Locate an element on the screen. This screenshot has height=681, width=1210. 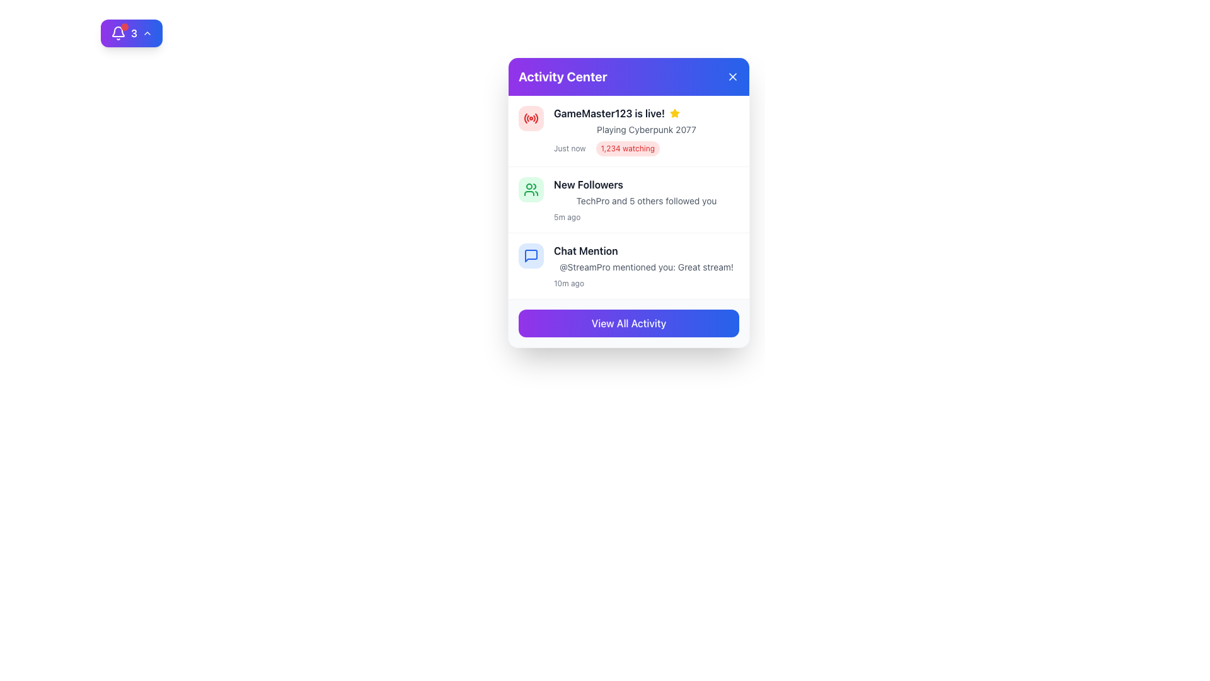
the notification represented by the blue outlined chat bubble icon located to the left of the text 'Chat Mention @StreamPro mentioned you: Great stream!' in the Activity Center dropdown is located at coordinates (531, 255).